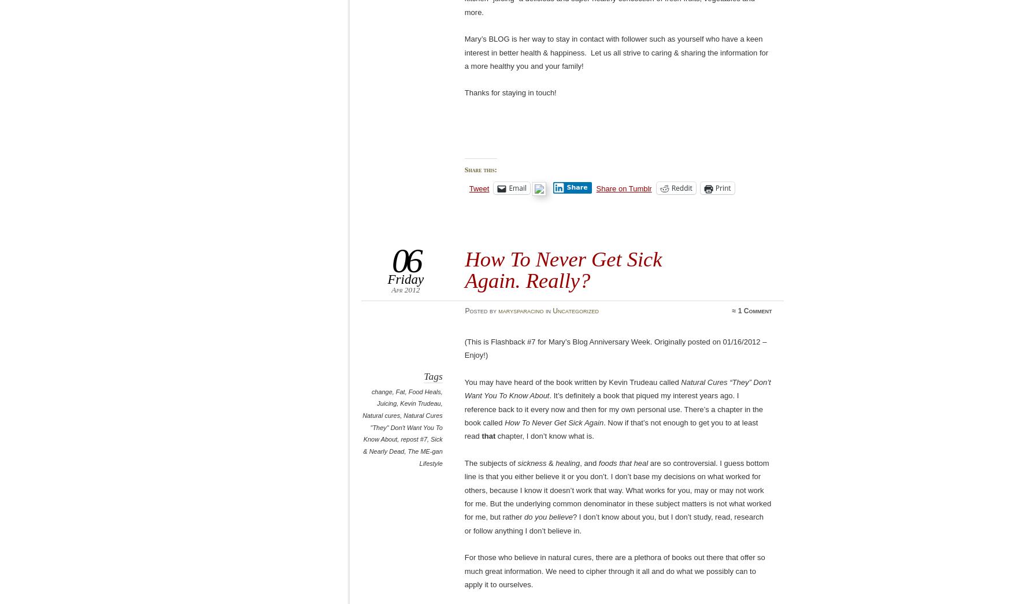 This screenshot has width=1011, height=604. I want to click on 'Kevin Trudeau', so click(420, 402).